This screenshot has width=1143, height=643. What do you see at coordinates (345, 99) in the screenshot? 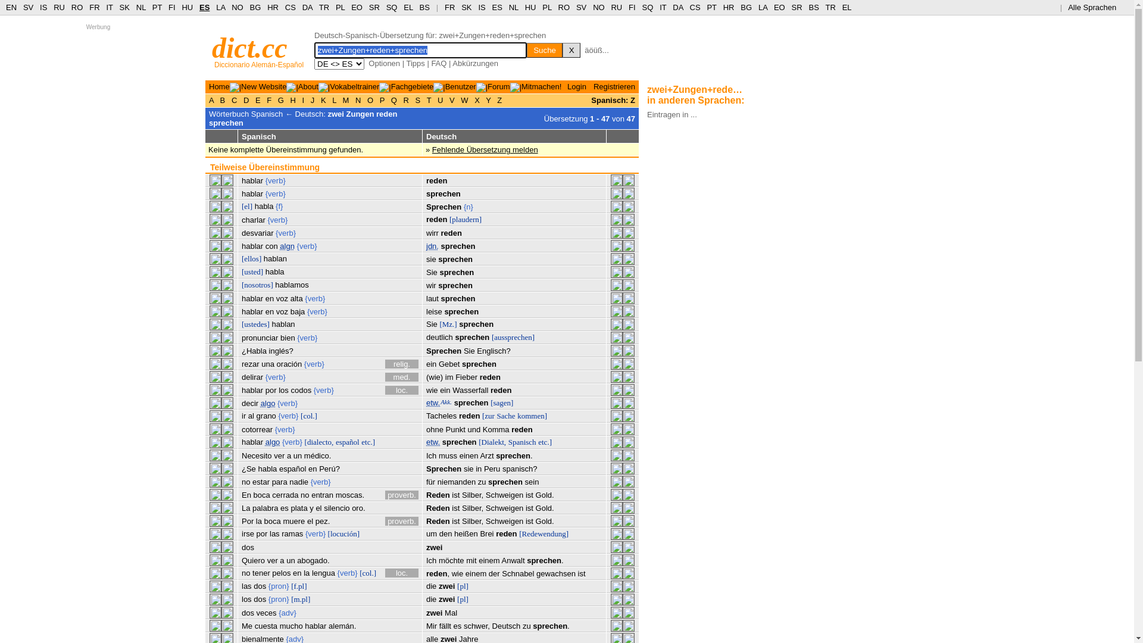
I see `'M'` at bounding box center [345, 99].